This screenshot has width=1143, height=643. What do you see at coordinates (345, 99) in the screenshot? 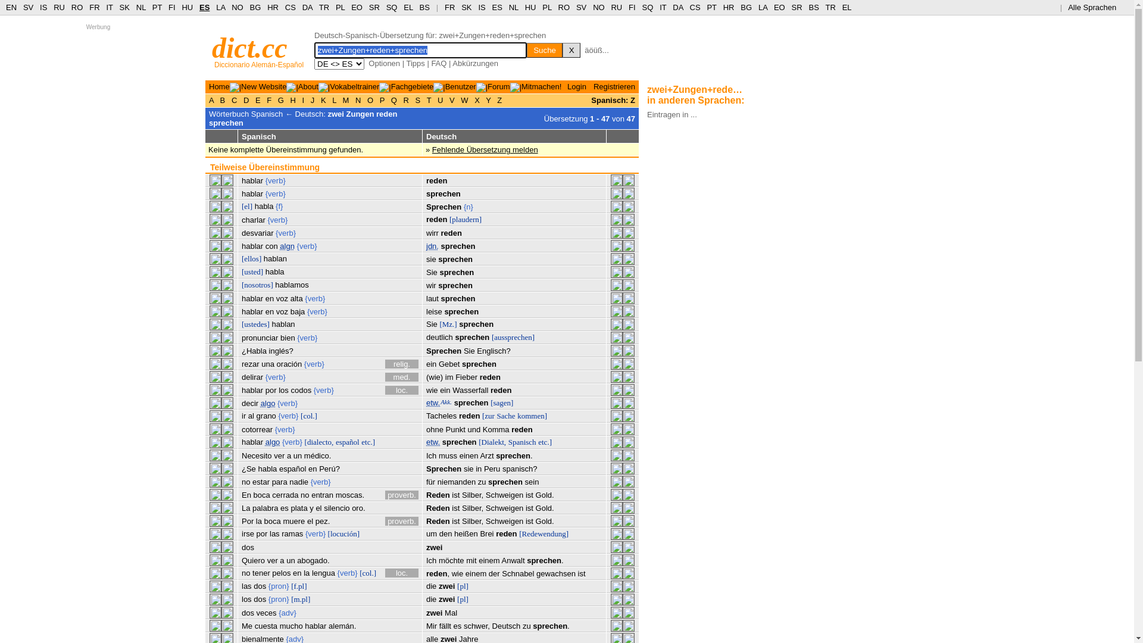
I see `'M'` at bounding box center [345, 99].